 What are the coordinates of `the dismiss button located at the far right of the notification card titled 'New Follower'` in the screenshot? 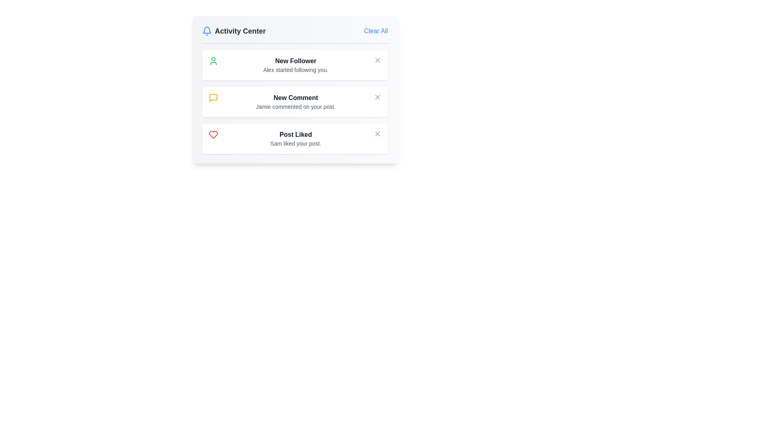 It's located at (377, 60).